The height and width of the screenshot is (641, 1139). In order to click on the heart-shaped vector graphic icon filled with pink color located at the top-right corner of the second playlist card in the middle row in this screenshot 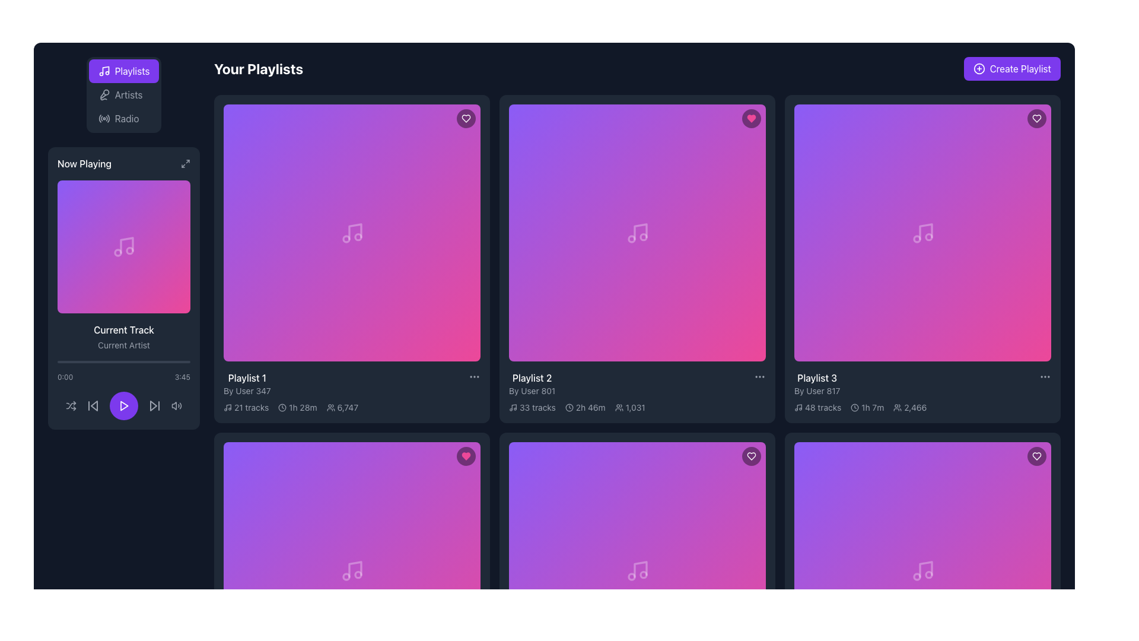, I will do `click(466, 455)`.